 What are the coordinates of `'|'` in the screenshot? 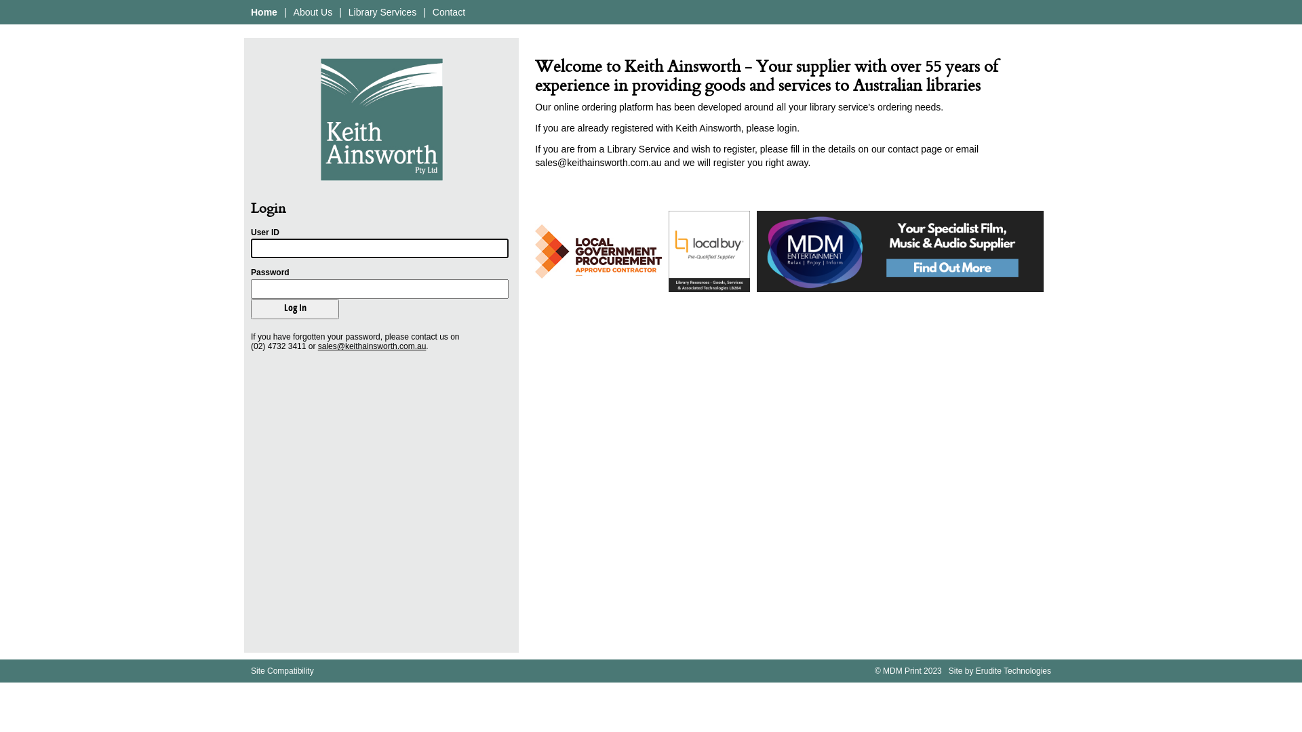 It's located at (338, 12).